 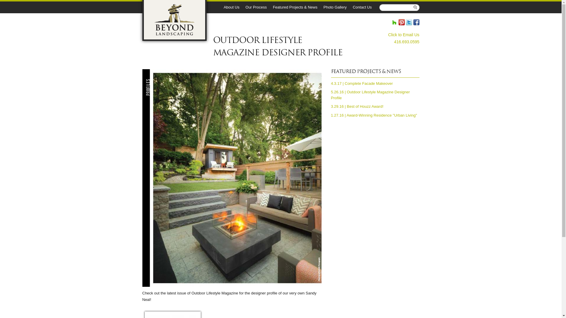 I want to click on '5.26.16 | Outdoor Lifestyle Magazine Designer Profile', so click(x=370, y=95).